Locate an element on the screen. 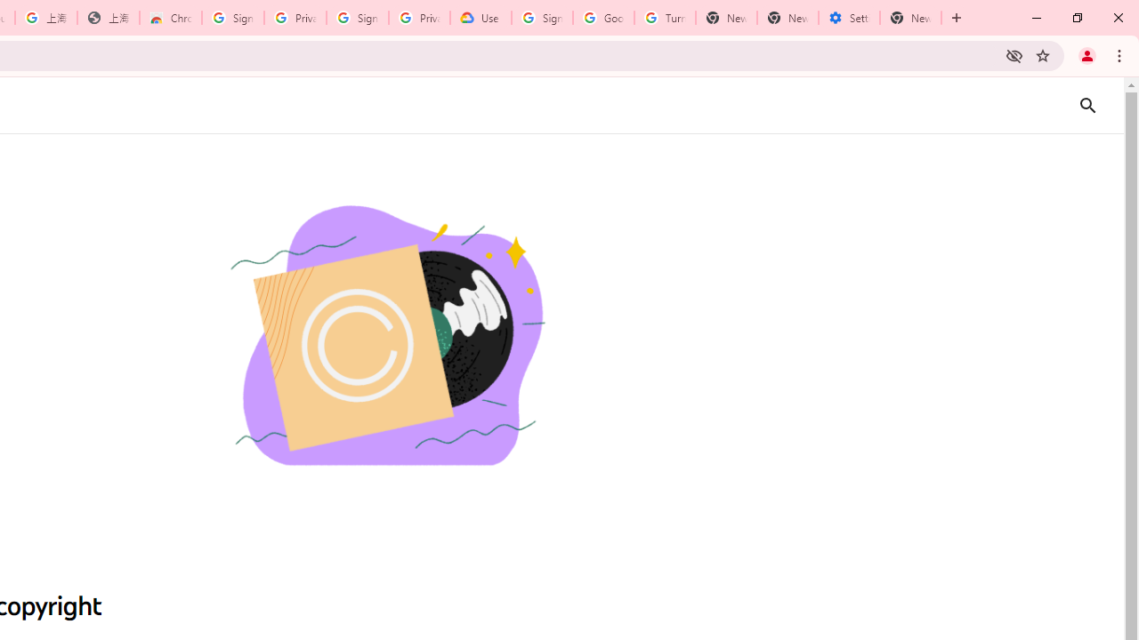 The height and width of the screenshot is (640, 1139). 'Settings - System' is located at coordinates (848, 18).